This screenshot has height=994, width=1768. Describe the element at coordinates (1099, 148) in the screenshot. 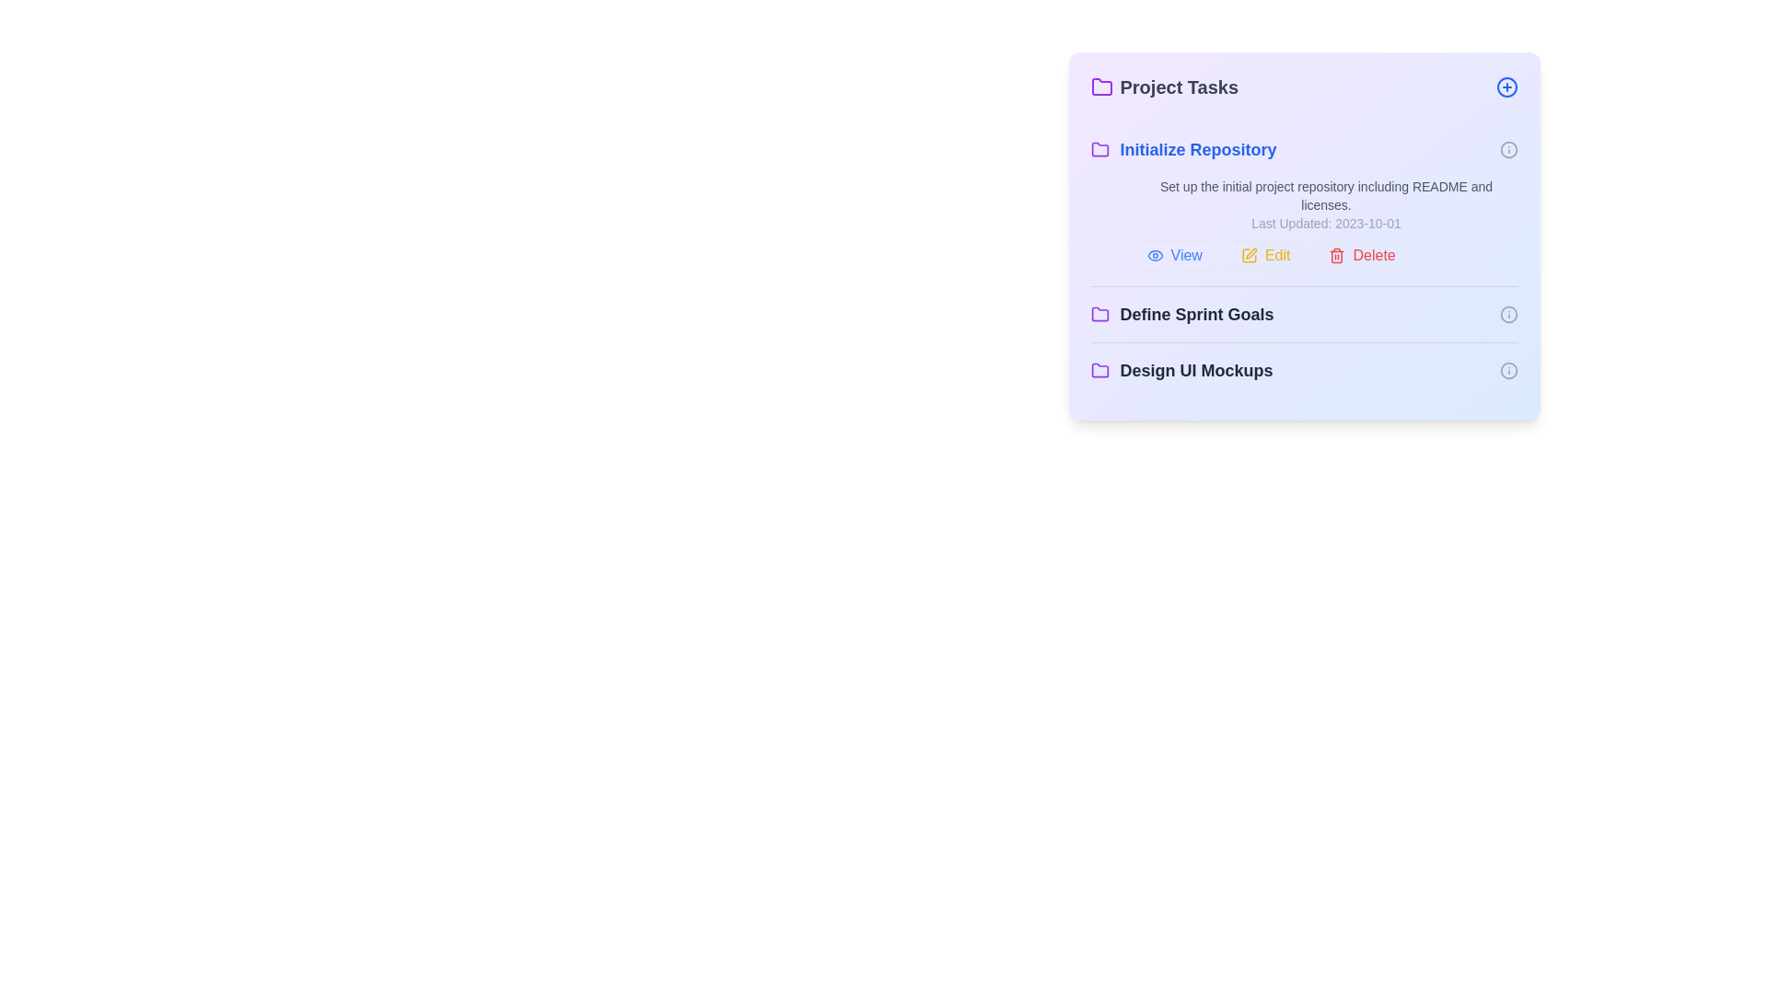

I see `the folder icon representing the project repository, which is the first item under the 'Project Tasks' heading, located to the left of 'Initialize Repository'` at that location.